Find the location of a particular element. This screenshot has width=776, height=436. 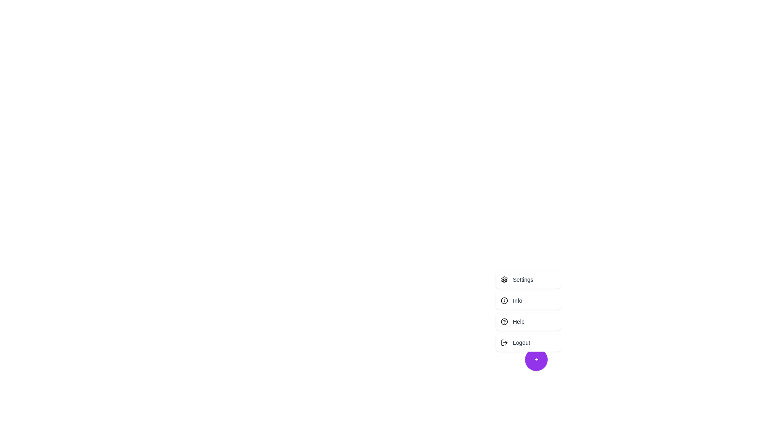

floating action button to toggle the menu visibility is located at coordinates (536, 359).